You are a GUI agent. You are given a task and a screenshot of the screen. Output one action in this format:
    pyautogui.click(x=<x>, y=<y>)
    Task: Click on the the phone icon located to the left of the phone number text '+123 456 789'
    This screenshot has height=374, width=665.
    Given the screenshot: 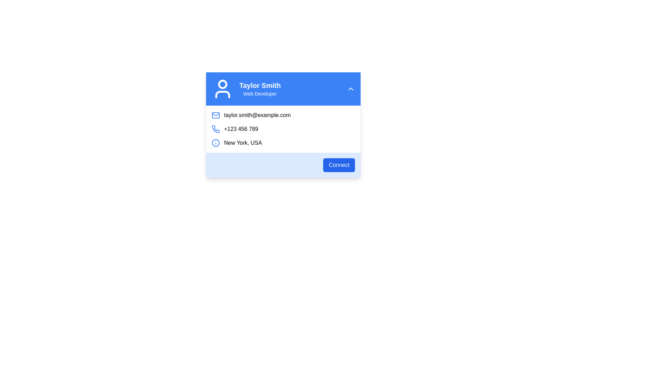 What is the action you would take?
    pyautogui.click(x=215, y=129)
    